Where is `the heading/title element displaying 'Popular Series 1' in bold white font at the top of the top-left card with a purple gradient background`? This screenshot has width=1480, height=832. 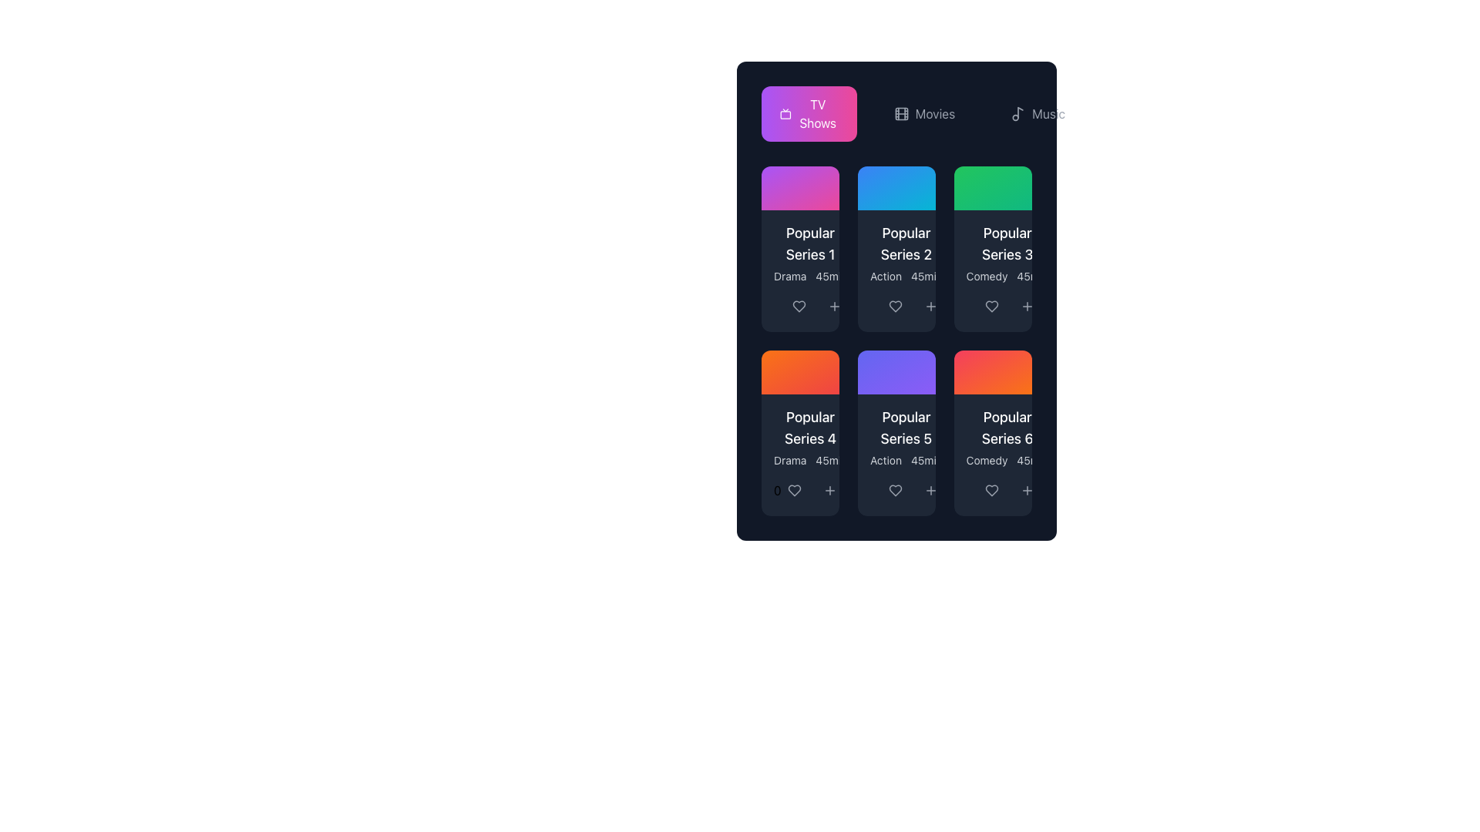
the heading/title element displaying 'Popular Series 1' in bold white font at the top of the top-left card with a purple gradient background is located at coordinates (809, 243).